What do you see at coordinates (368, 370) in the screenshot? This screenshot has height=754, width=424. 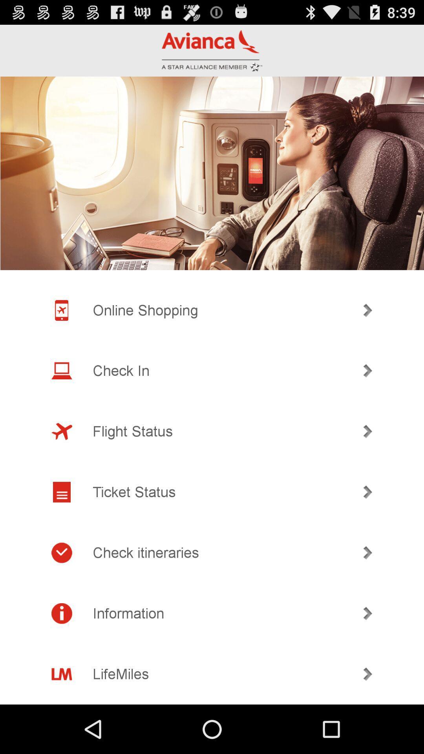 I see `on next page icon right to check in` at bounding box center [368, 370].